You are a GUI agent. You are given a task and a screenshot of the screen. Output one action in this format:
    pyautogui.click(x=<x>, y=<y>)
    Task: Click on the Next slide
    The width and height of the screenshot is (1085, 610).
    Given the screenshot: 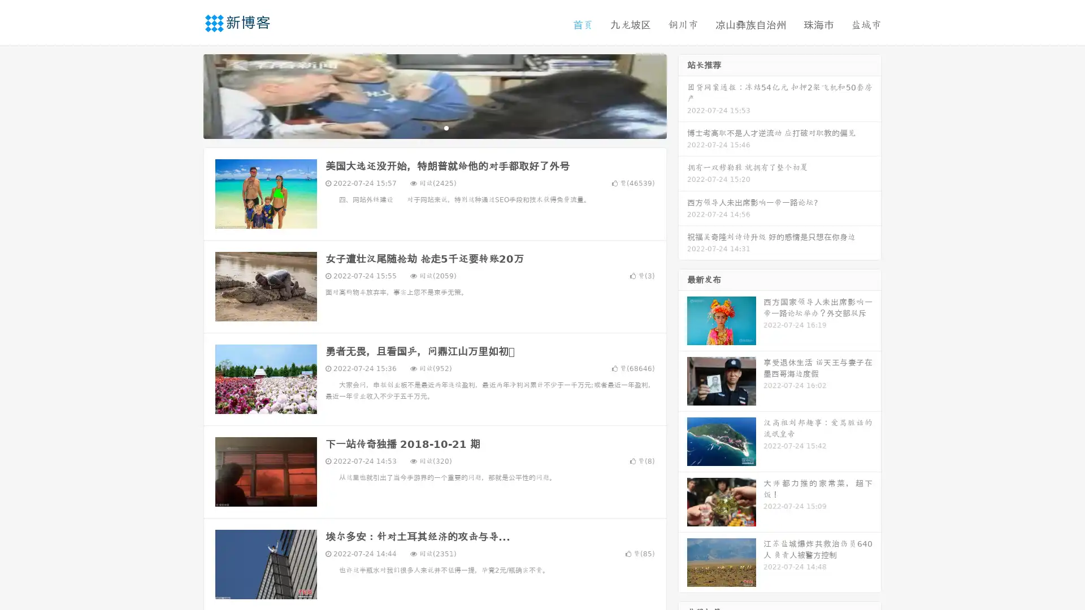 What is the action you would take?
    pyautogui.click(x=683, y=95)
    